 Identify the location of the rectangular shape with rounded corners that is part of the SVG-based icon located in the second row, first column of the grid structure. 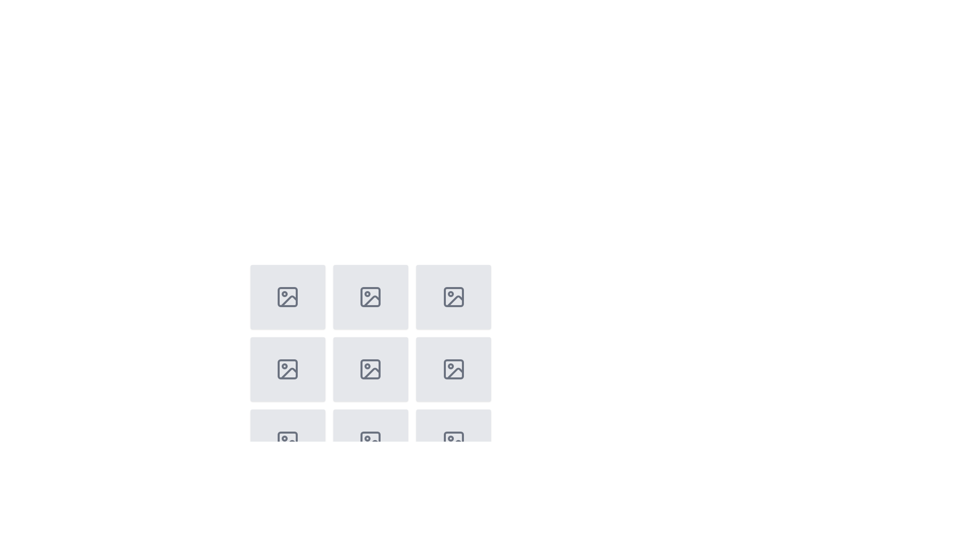
(287, 369).